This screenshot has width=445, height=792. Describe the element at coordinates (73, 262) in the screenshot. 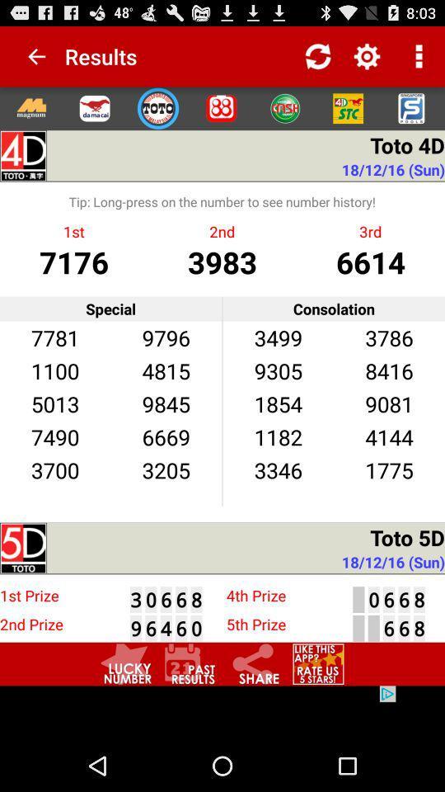

I see `the icon to the left of the 3983 icon` at that location.